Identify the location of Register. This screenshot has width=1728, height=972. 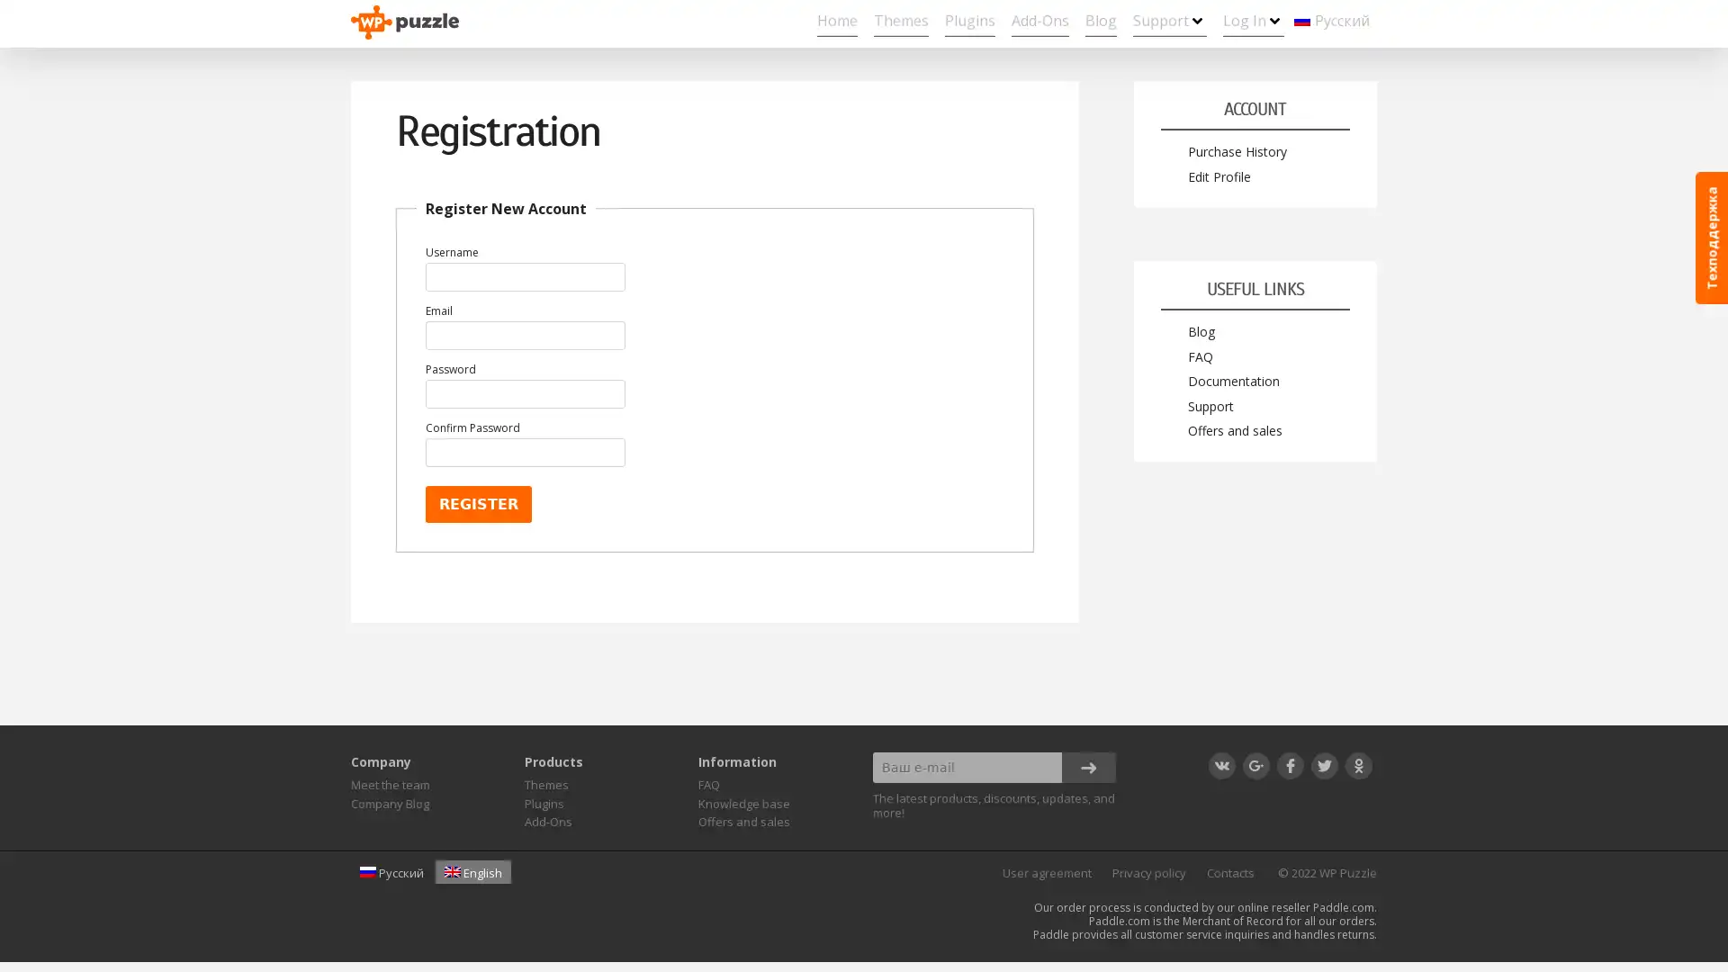
(479, 504).